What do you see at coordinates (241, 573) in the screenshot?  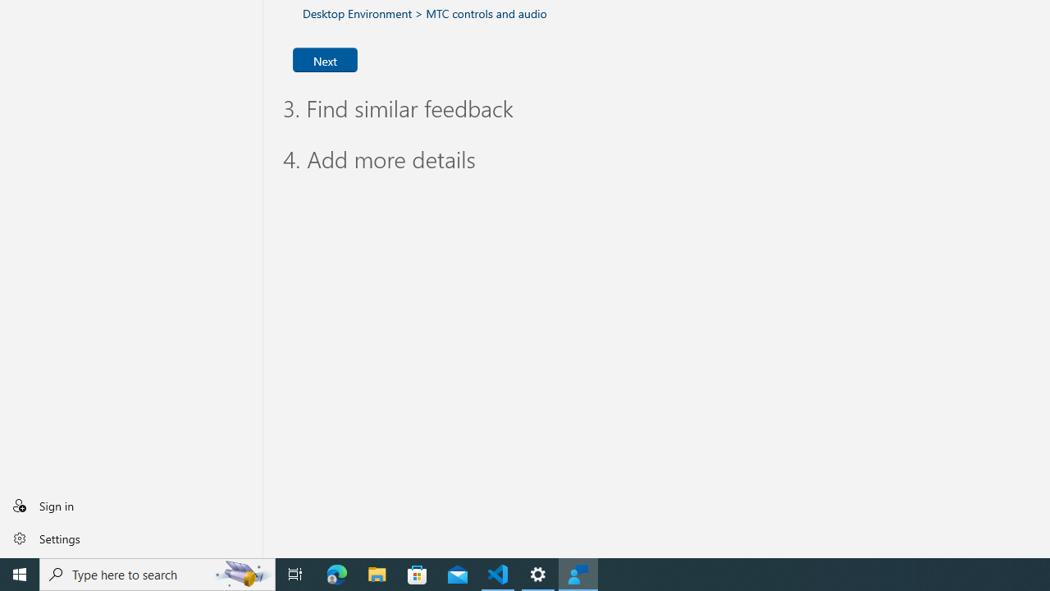 I see `'Search highlights icon opens search home window'` at bounding box center [241, 573].